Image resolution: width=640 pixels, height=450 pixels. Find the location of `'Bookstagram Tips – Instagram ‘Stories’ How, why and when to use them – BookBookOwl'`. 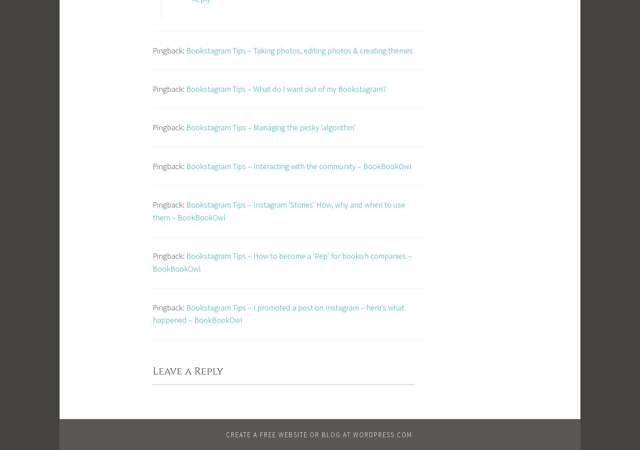

'Bookstagram Tips – Instagram ‘Stories’ How, why and when to use them – BookBookOwl' is located at coordinates (279, 210).